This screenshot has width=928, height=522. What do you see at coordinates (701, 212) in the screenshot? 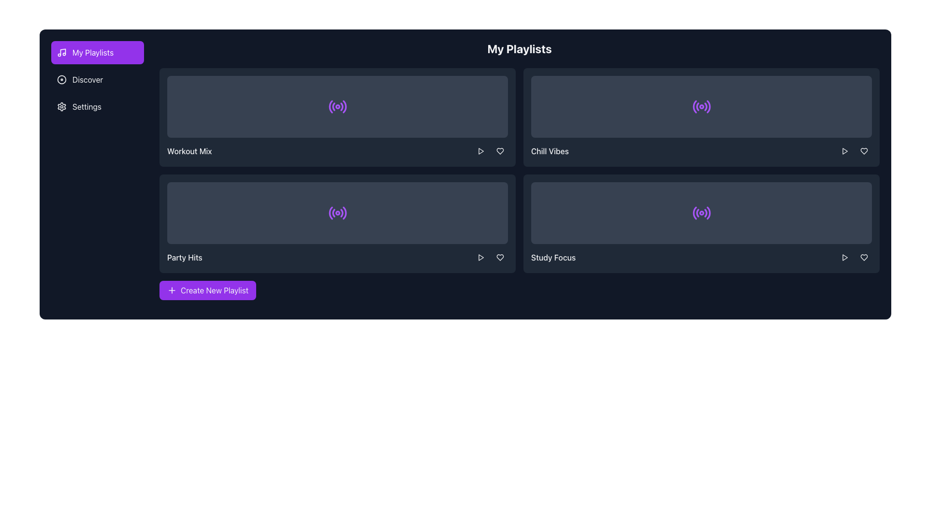
I see `the icon located in the bottom-right rectangular tile titled 'Study Focus' within the grid of playlist items, which is centrally placed in a dark gray tile` at bounding box center [701, 212].